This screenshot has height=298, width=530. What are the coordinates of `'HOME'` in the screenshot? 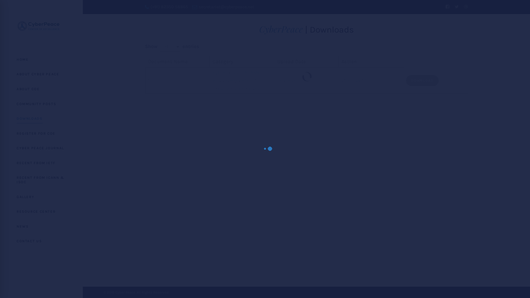 It's located at (41, 60).